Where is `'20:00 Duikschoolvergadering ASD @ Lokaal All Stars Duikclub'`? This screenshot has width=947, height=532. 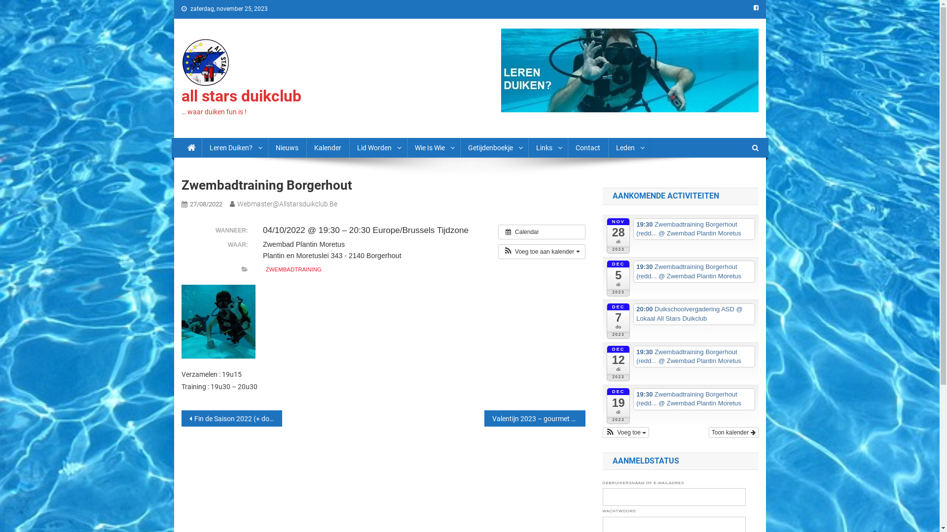
'20:00 Duikschoolvergadering ASD @ Lokaal All Stars Duikclub' is located at coordinates (693, 314).